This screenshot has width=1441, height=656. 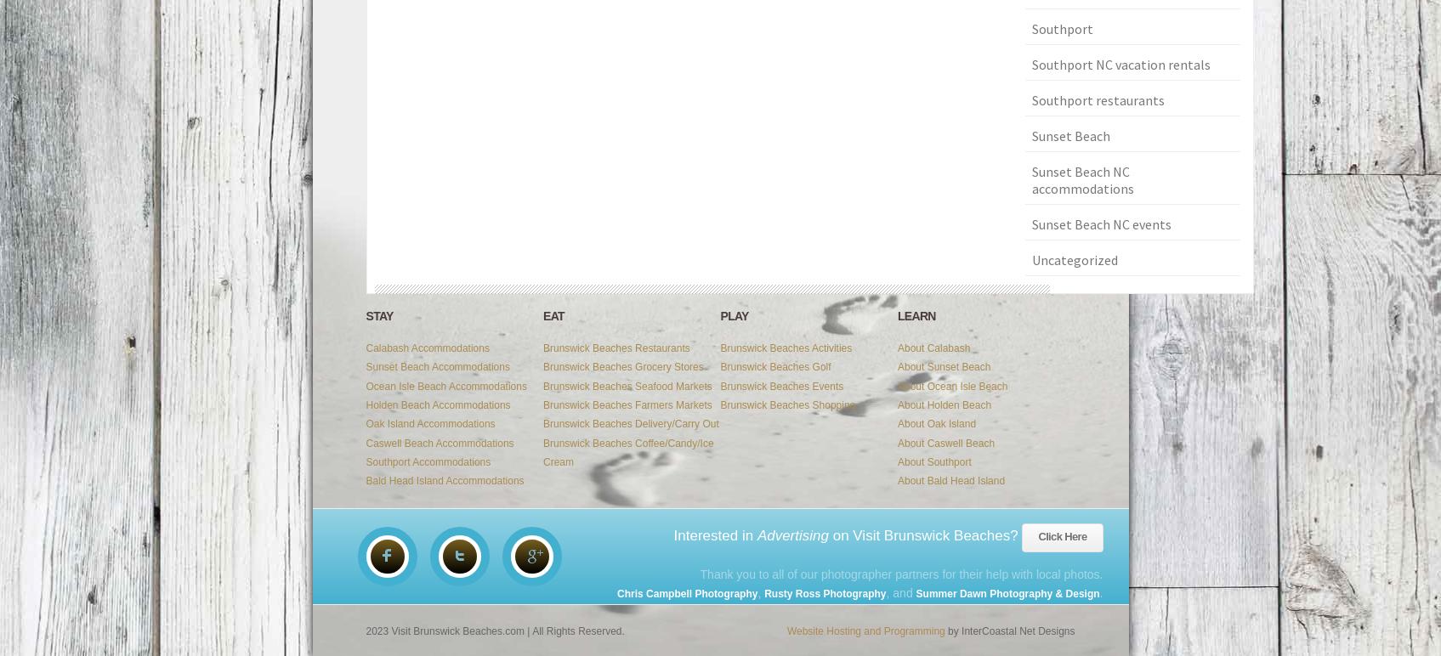 I want to click on 'Rusty Ross Photography', so click(x=825, y=592).